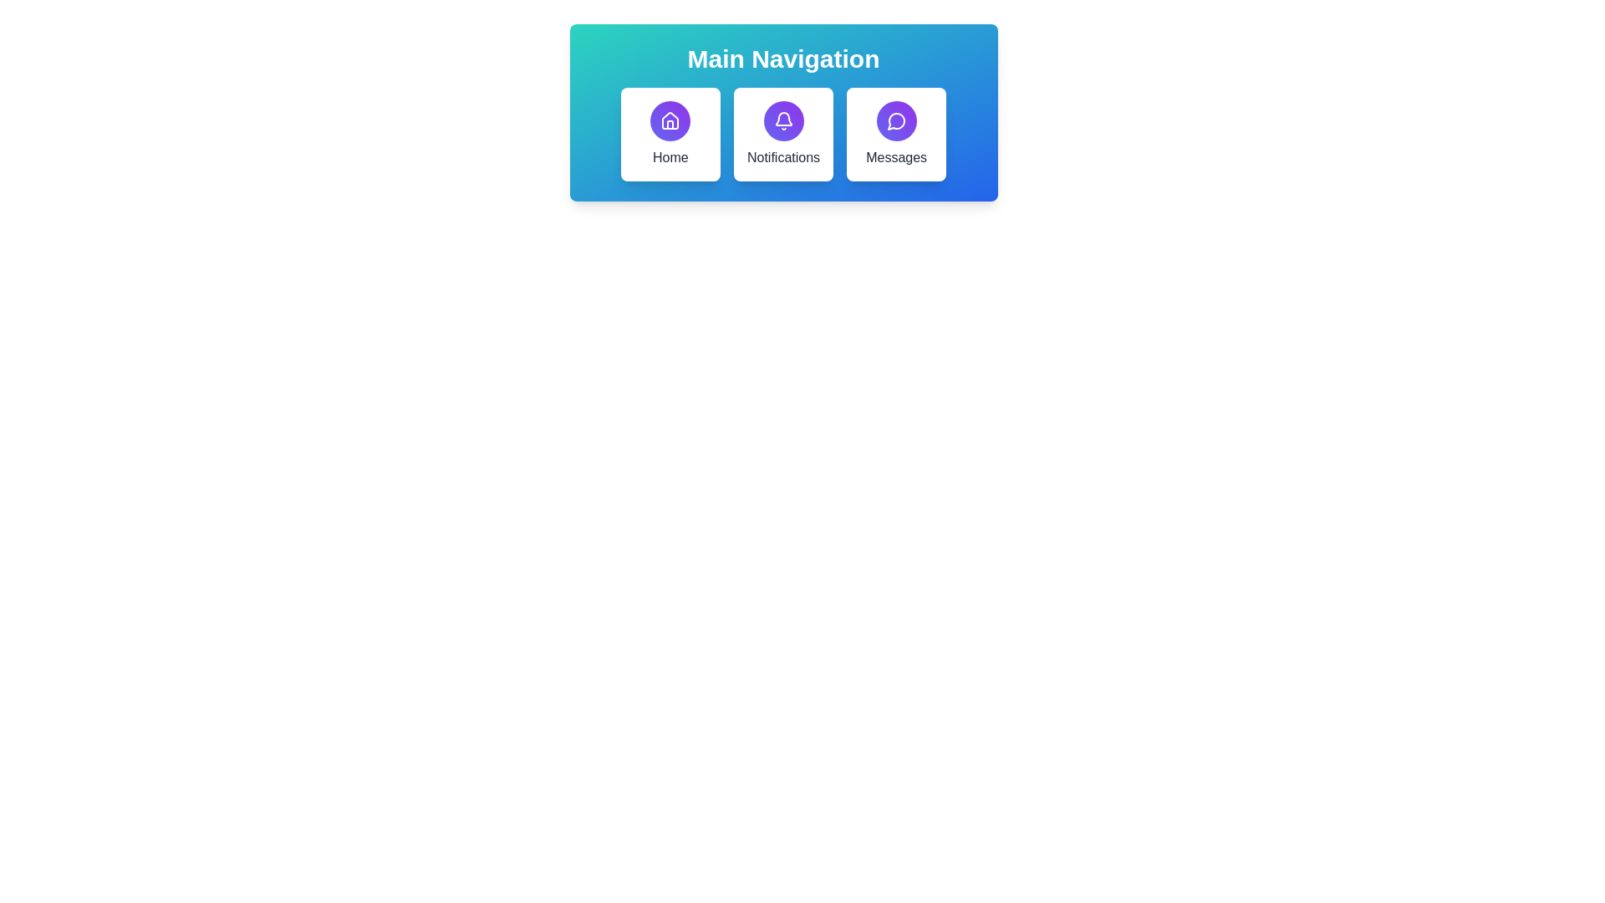 Image resolution: width=1605 pixels, height=903 pixels. Describe the element at coordinates (895, 134) in the screenshot. I see `the 'Messages' navigation button located as the third item in the horizontal grid layout` at that location.